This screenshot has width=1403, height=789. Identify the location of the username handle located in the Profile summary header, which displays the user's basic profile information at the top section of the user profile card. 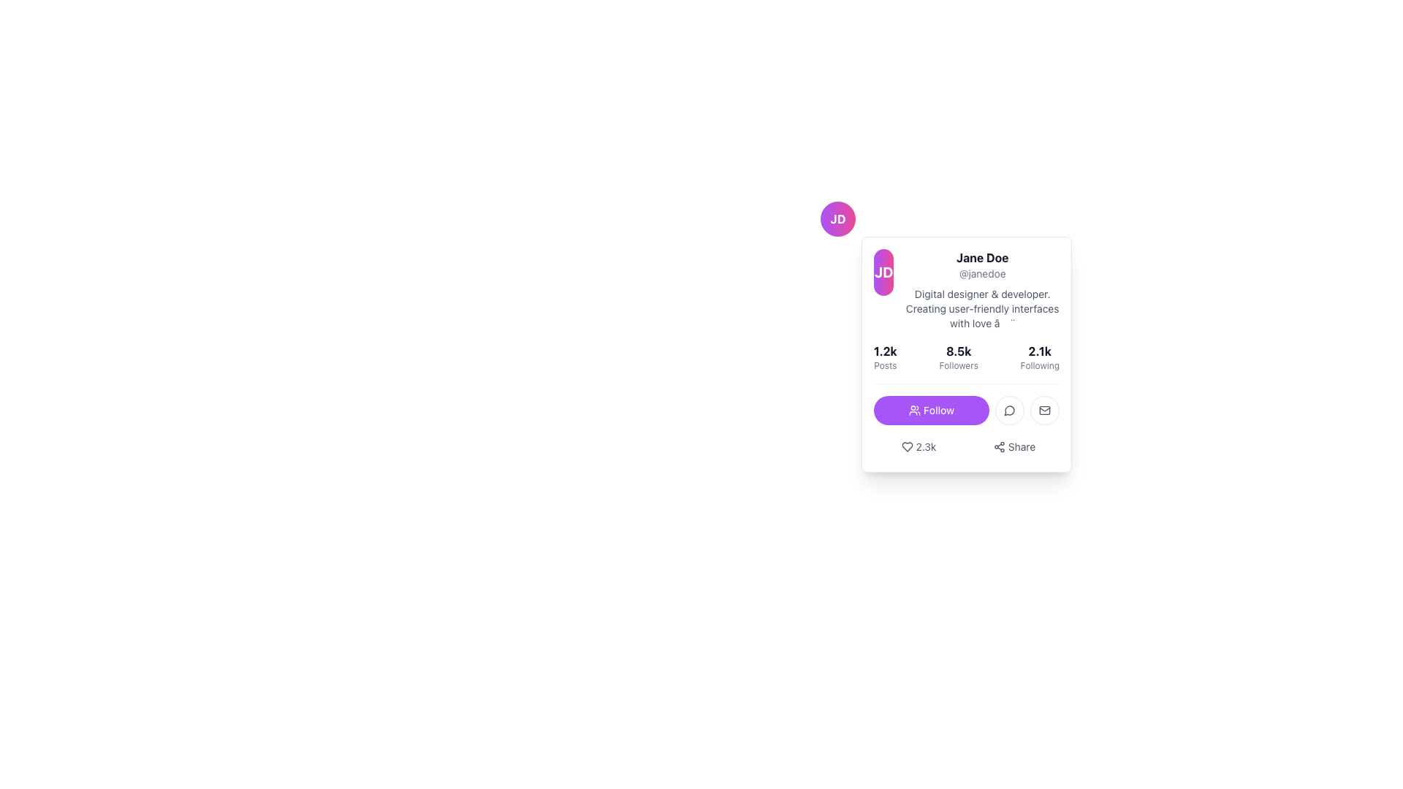
(967, 290).